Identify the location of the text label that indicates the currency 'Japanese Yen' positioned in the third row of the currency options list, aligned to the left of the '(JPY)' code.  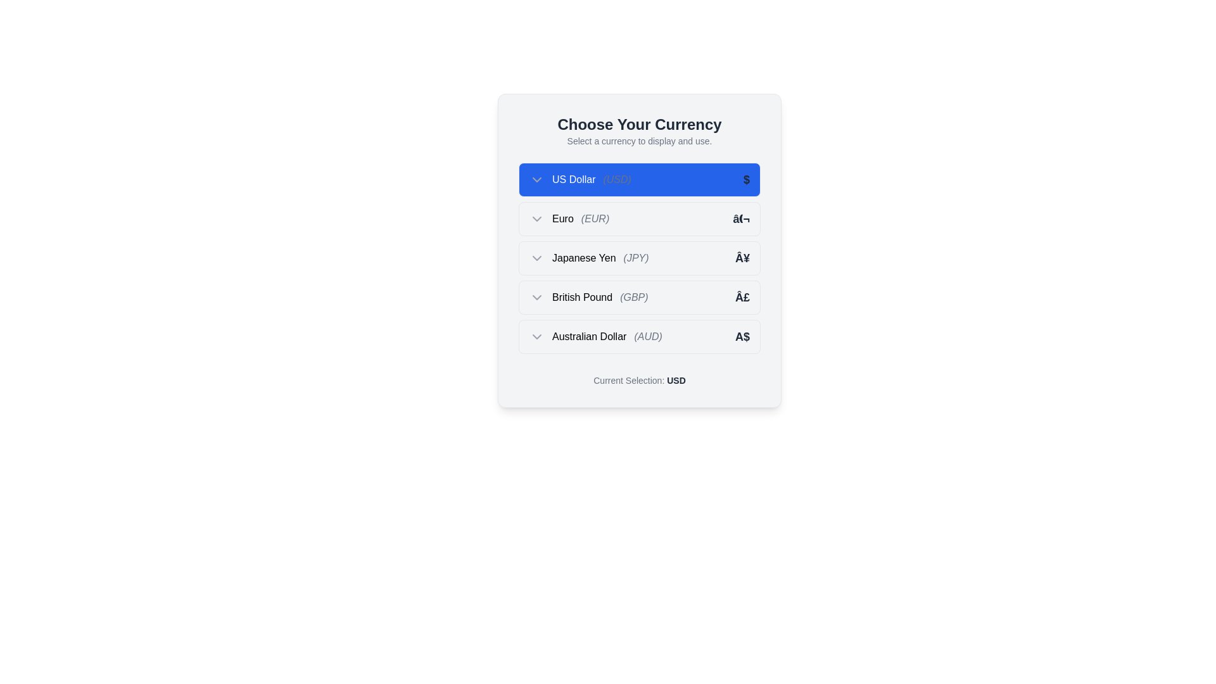
(583, 258).